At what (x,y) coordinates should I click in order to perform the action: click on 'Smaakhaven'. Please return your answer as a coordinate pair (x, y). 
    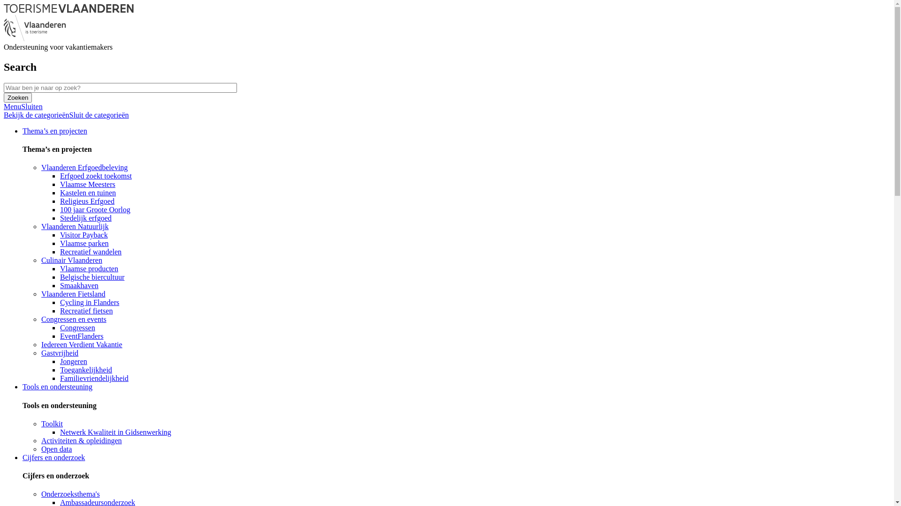
    Looking at the image, I should click on (79, 285).